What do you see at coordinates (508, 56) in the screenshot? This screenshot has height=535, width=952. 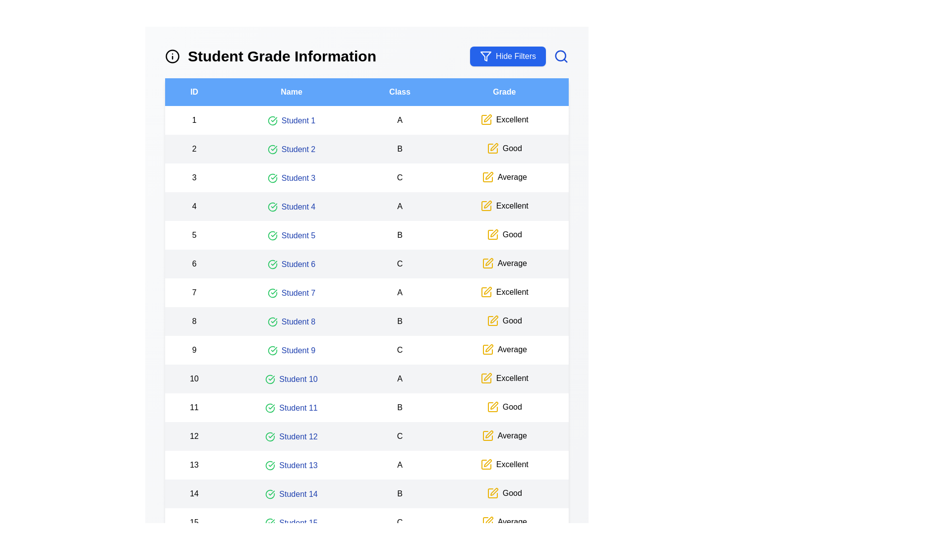 I see `the 'Hide Filters' button to toggle filter visibility` at bounding box center [508, 56].